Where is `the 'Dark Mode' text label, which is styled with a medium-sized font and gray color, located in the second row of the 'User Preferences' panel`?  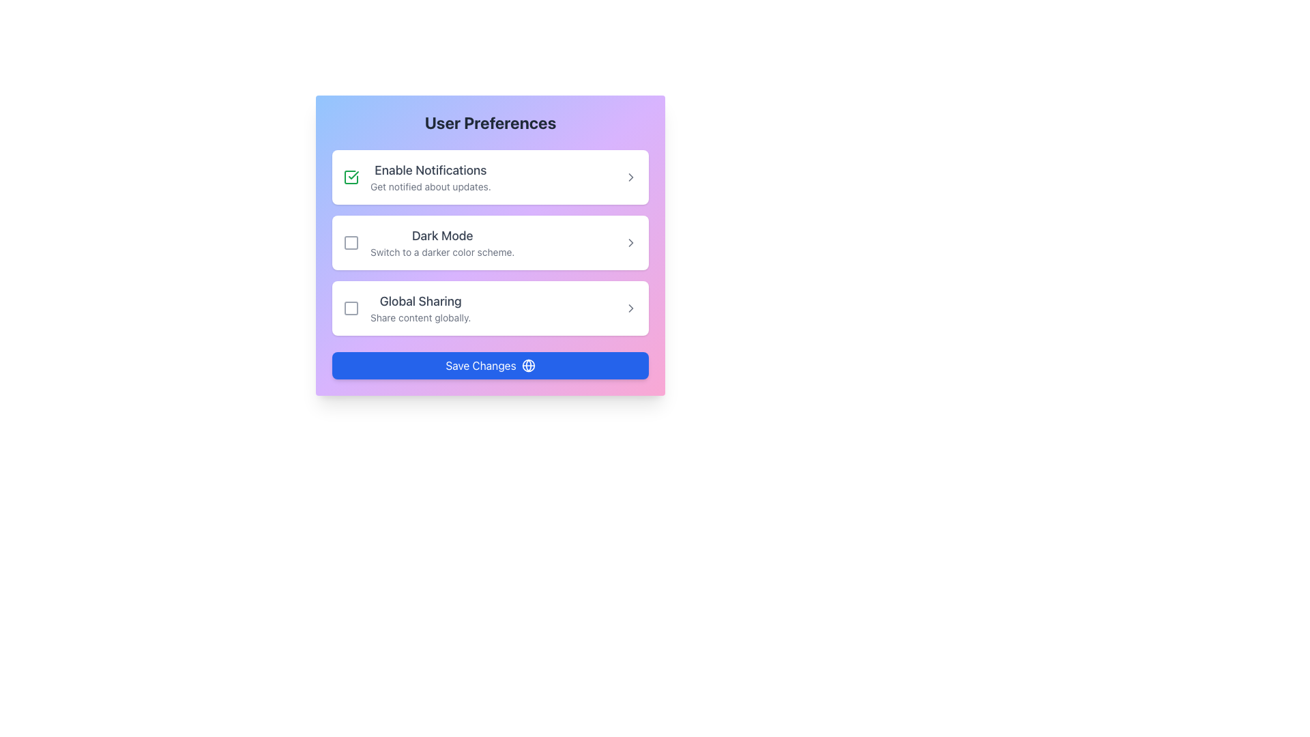
the 'Dark Mode' text label, which is styled with a medium-sized font and gray color, located in the second row of the 'User Preferences' panel is located at coordinates (442, 235).